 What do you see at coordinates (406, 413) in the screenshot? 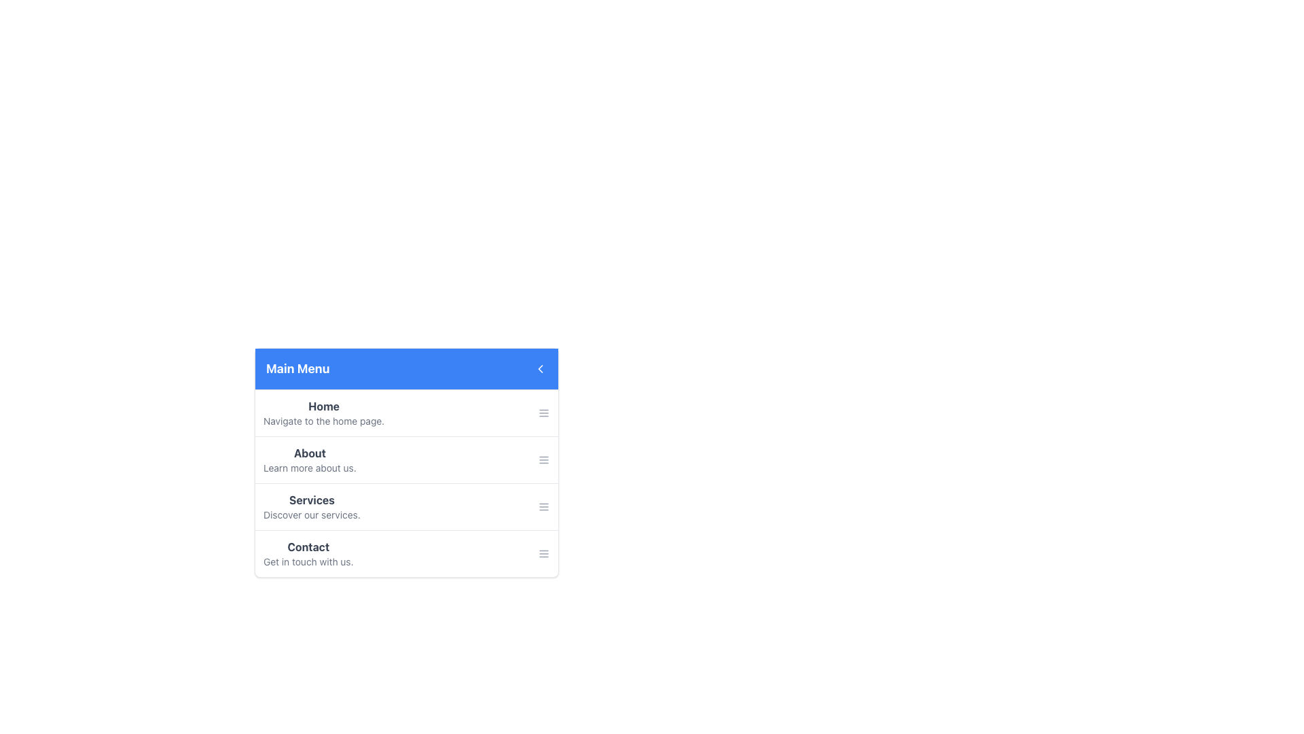
I see `the navigation menu item labeled 'Home', which is the first item in the list under 'Main Menu', to trigger possible visual feedback` at bounding box center [406, 413].